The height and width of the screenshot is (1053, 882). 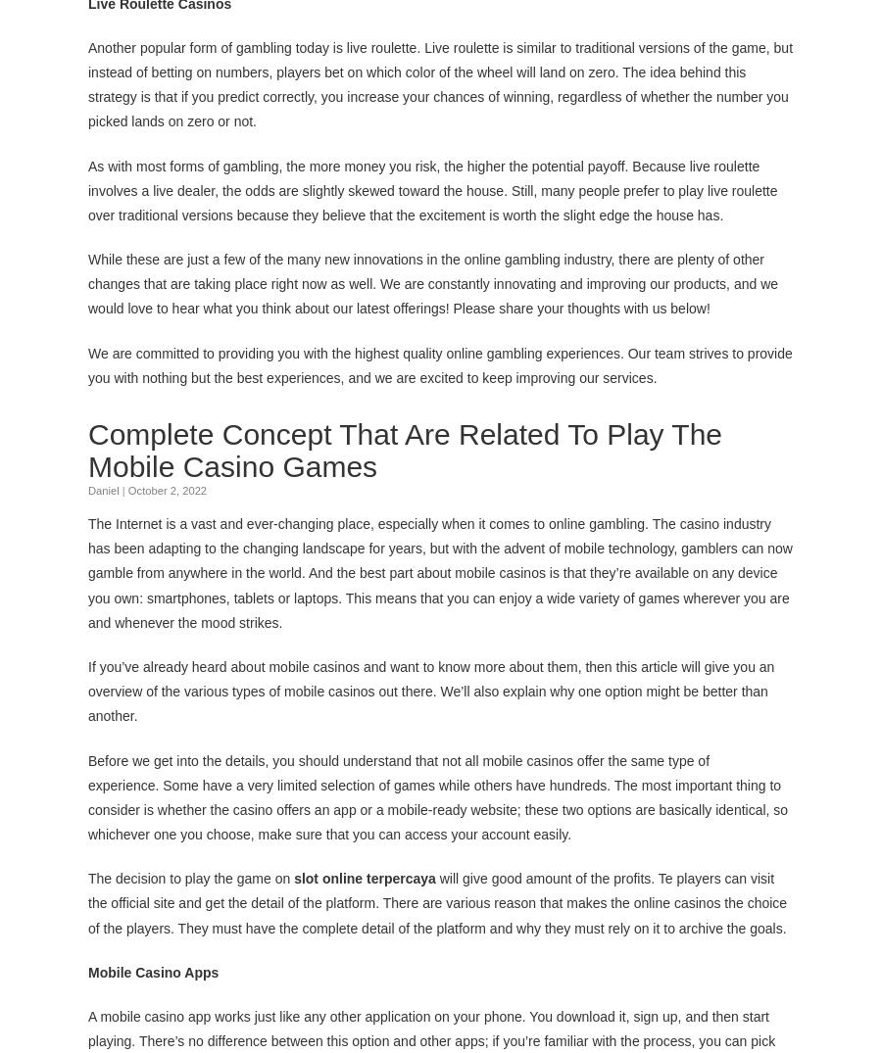 What do you see at coordinates (102, 489) in the screenshot?
I see `'Daniel'` at bounding box center [102, 489].